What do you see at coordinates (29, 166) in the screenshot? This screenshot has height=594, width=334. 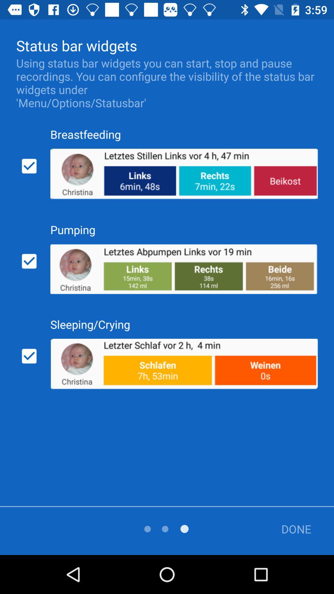 I see `the icon below using status bar icon` at bounding box center [29, 166].